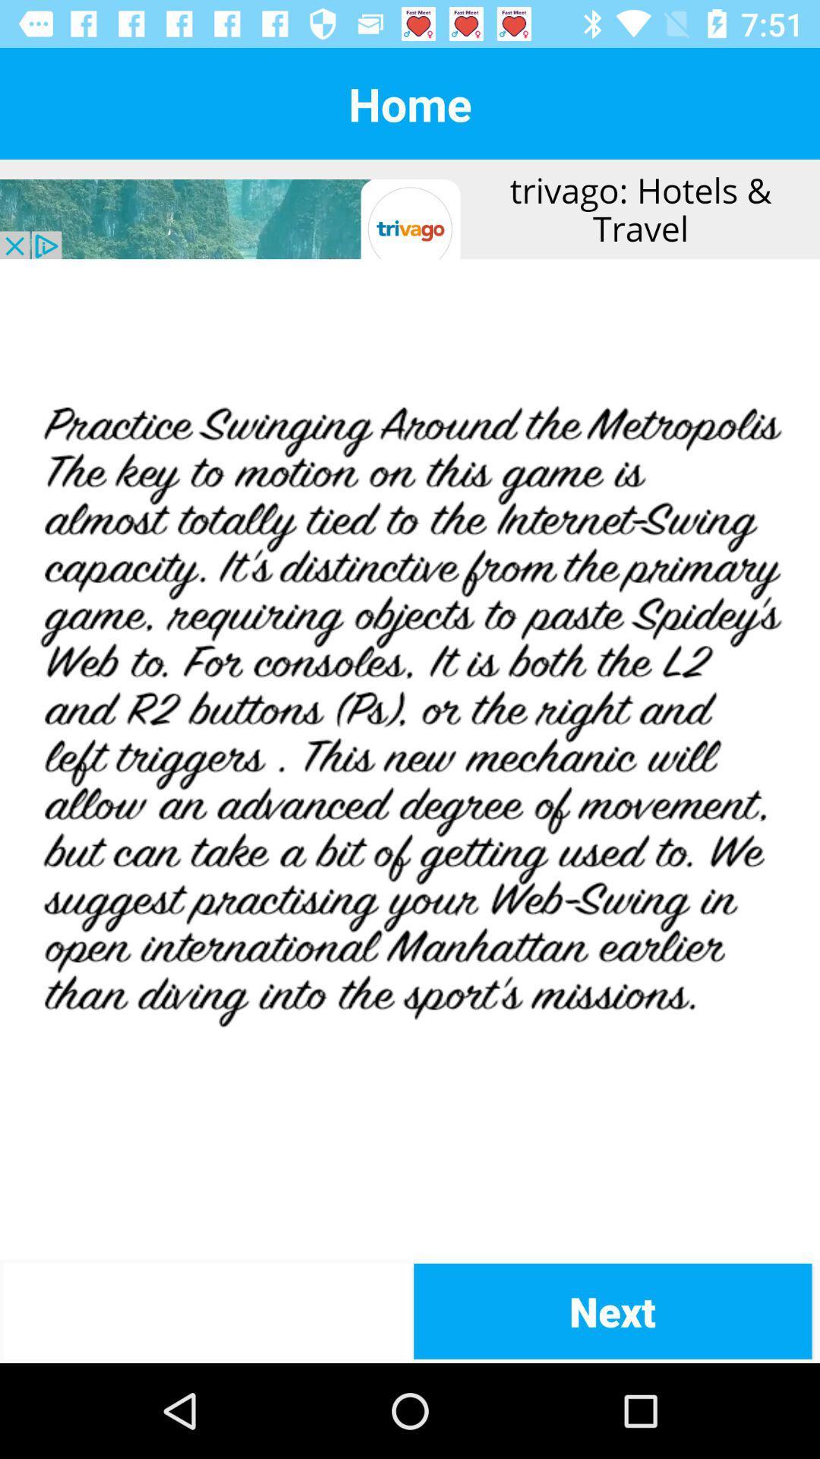 The image size is (820, 1459). What do you see at coordinates (410, 759) in the screenshot?
I see `article in middle` at bounding box center [410, 759].